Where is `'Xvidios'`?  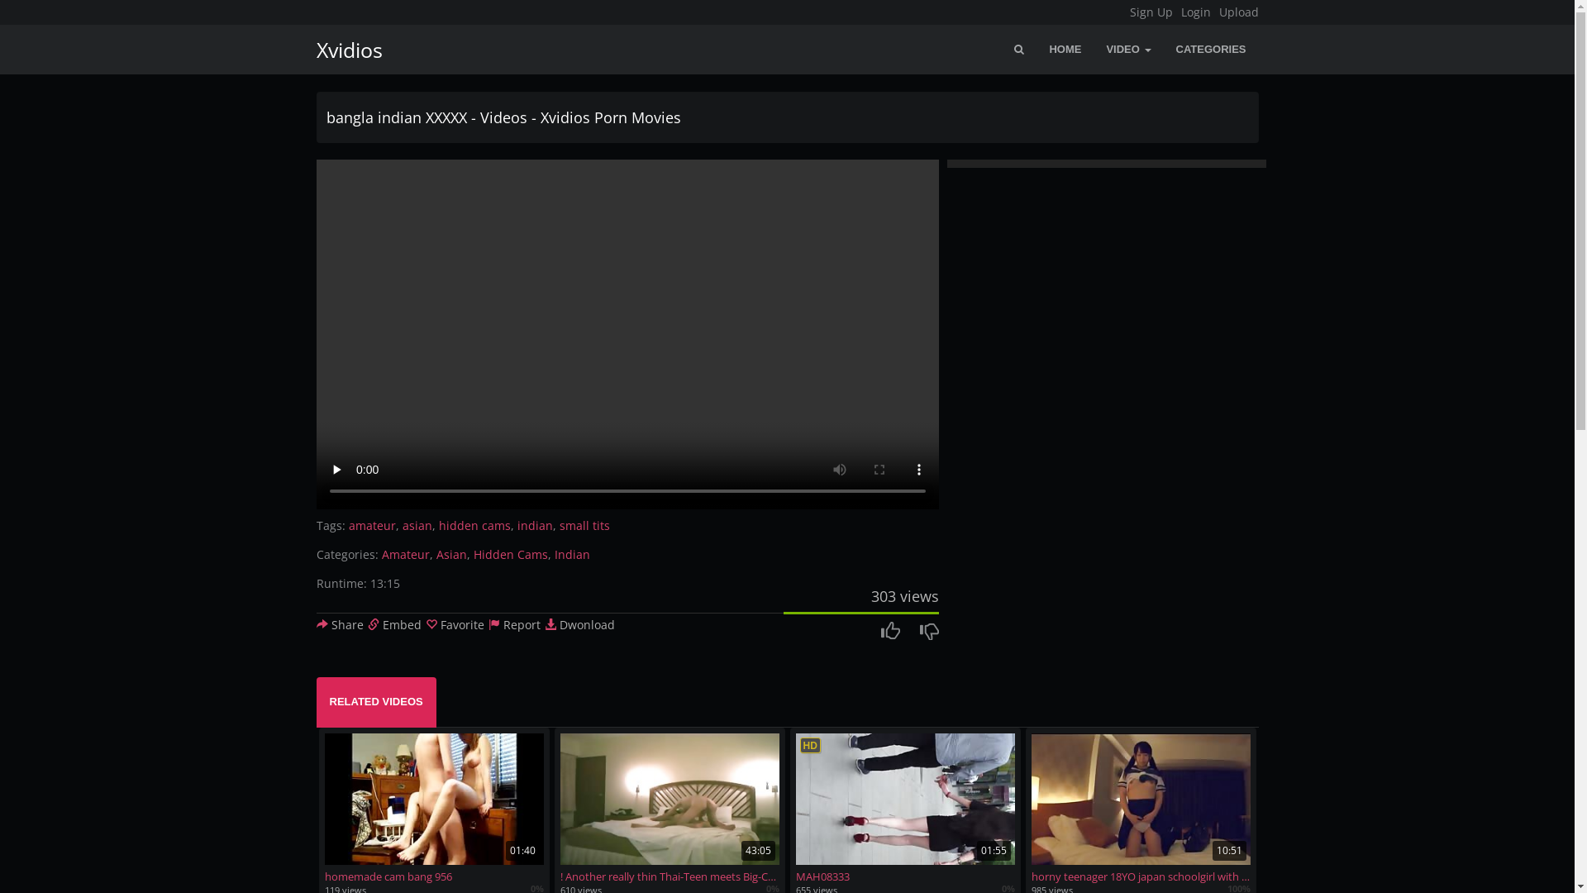 'Xvidios' is located at coordinates (342, 49).